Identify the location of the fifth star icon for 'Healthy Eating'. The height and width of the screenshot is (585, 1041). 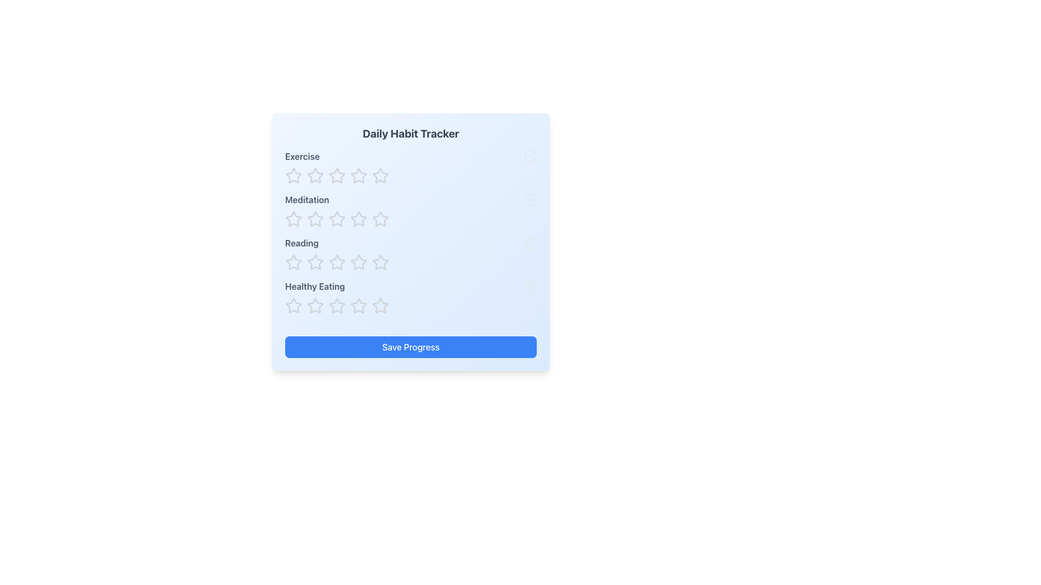
(380, 305).